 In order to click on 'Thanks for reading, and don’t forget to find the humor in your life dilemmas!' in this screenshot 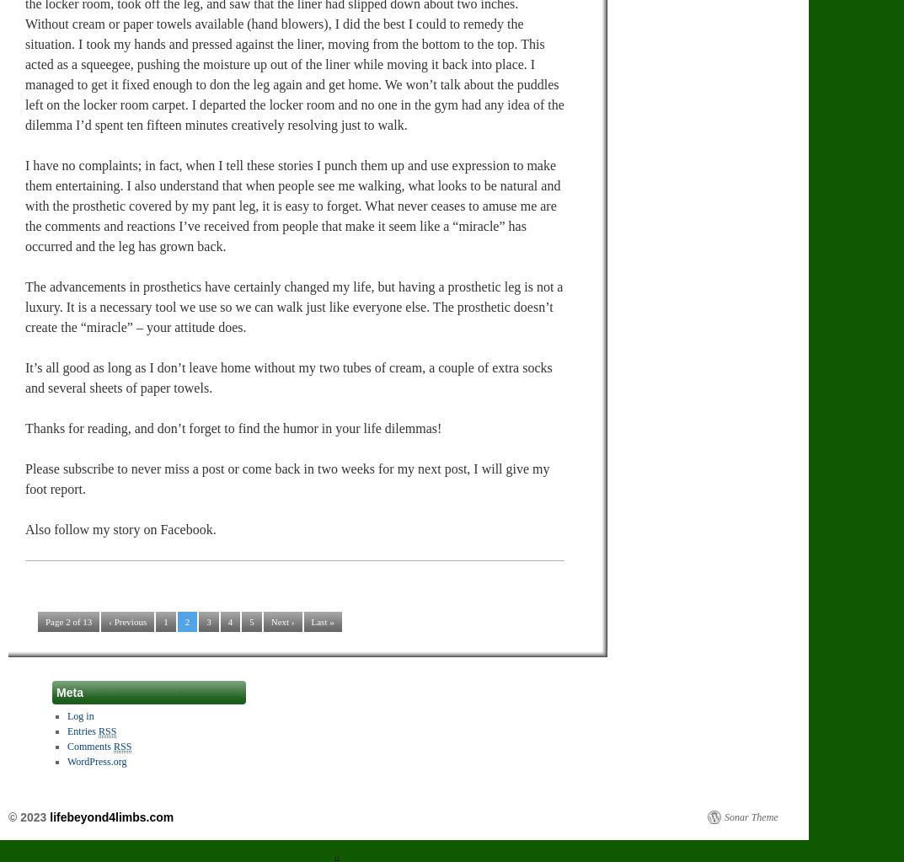, I will do `click(233, 427)`.